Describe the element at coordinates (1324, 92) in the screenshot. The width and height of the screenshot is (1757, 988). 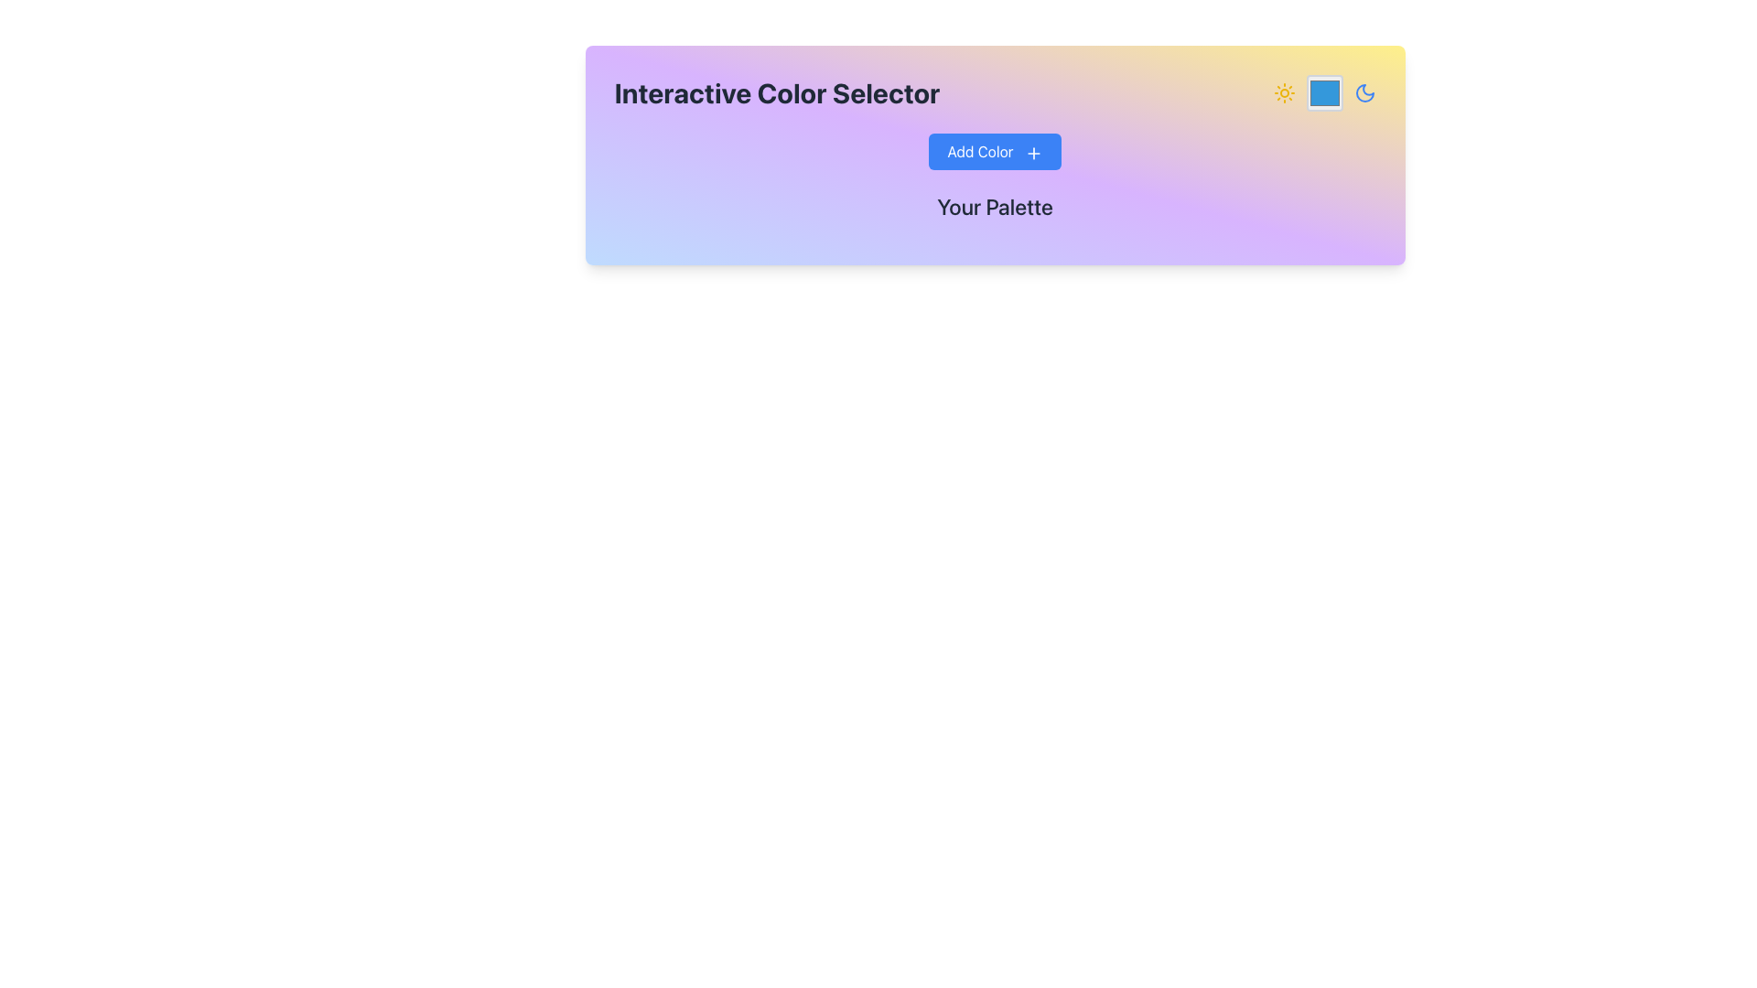
I see `the light blue square color picker, which is bordered by a light gray frame` at that location.